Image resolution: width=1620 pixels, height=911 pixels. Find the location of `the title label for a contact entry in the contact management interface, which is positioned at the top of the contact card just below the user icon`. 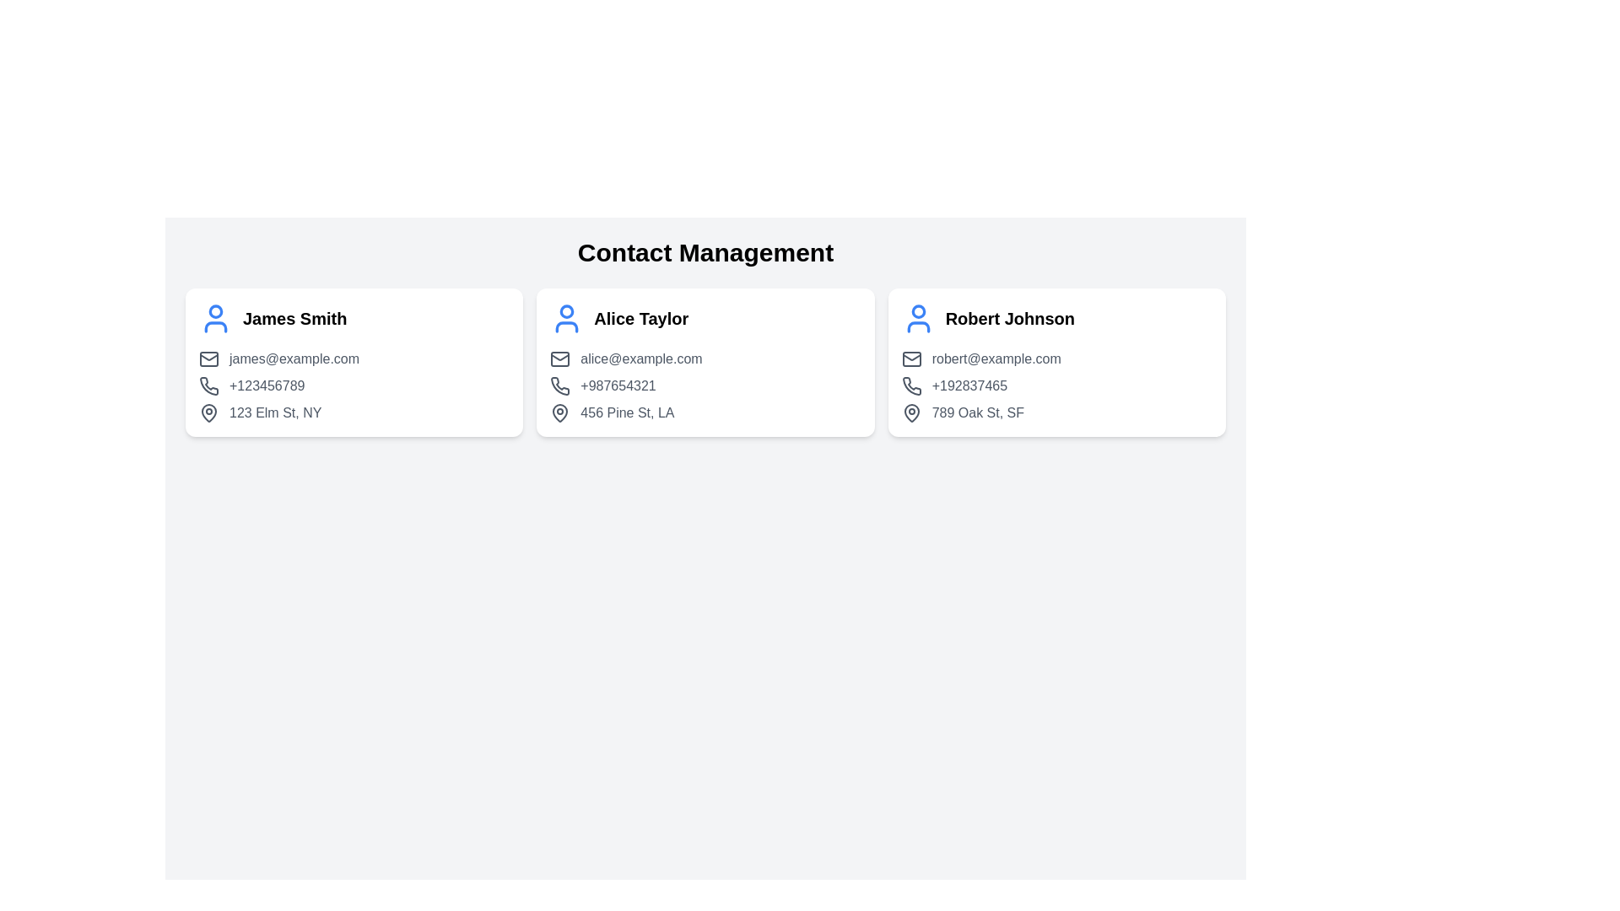

the title label for a contact entry in the contact management interface, which is positioned at the top of the contact card just below the user icon is located at coordinates (294, 319).